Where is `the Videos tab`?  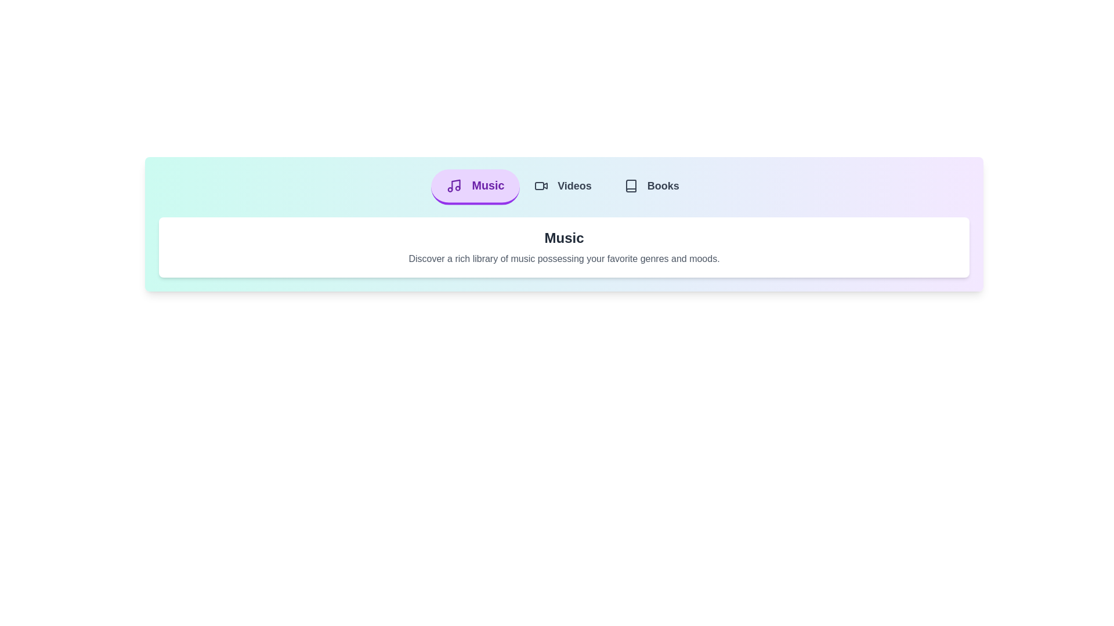
the Videos tab is located at coordinates (563, 187).